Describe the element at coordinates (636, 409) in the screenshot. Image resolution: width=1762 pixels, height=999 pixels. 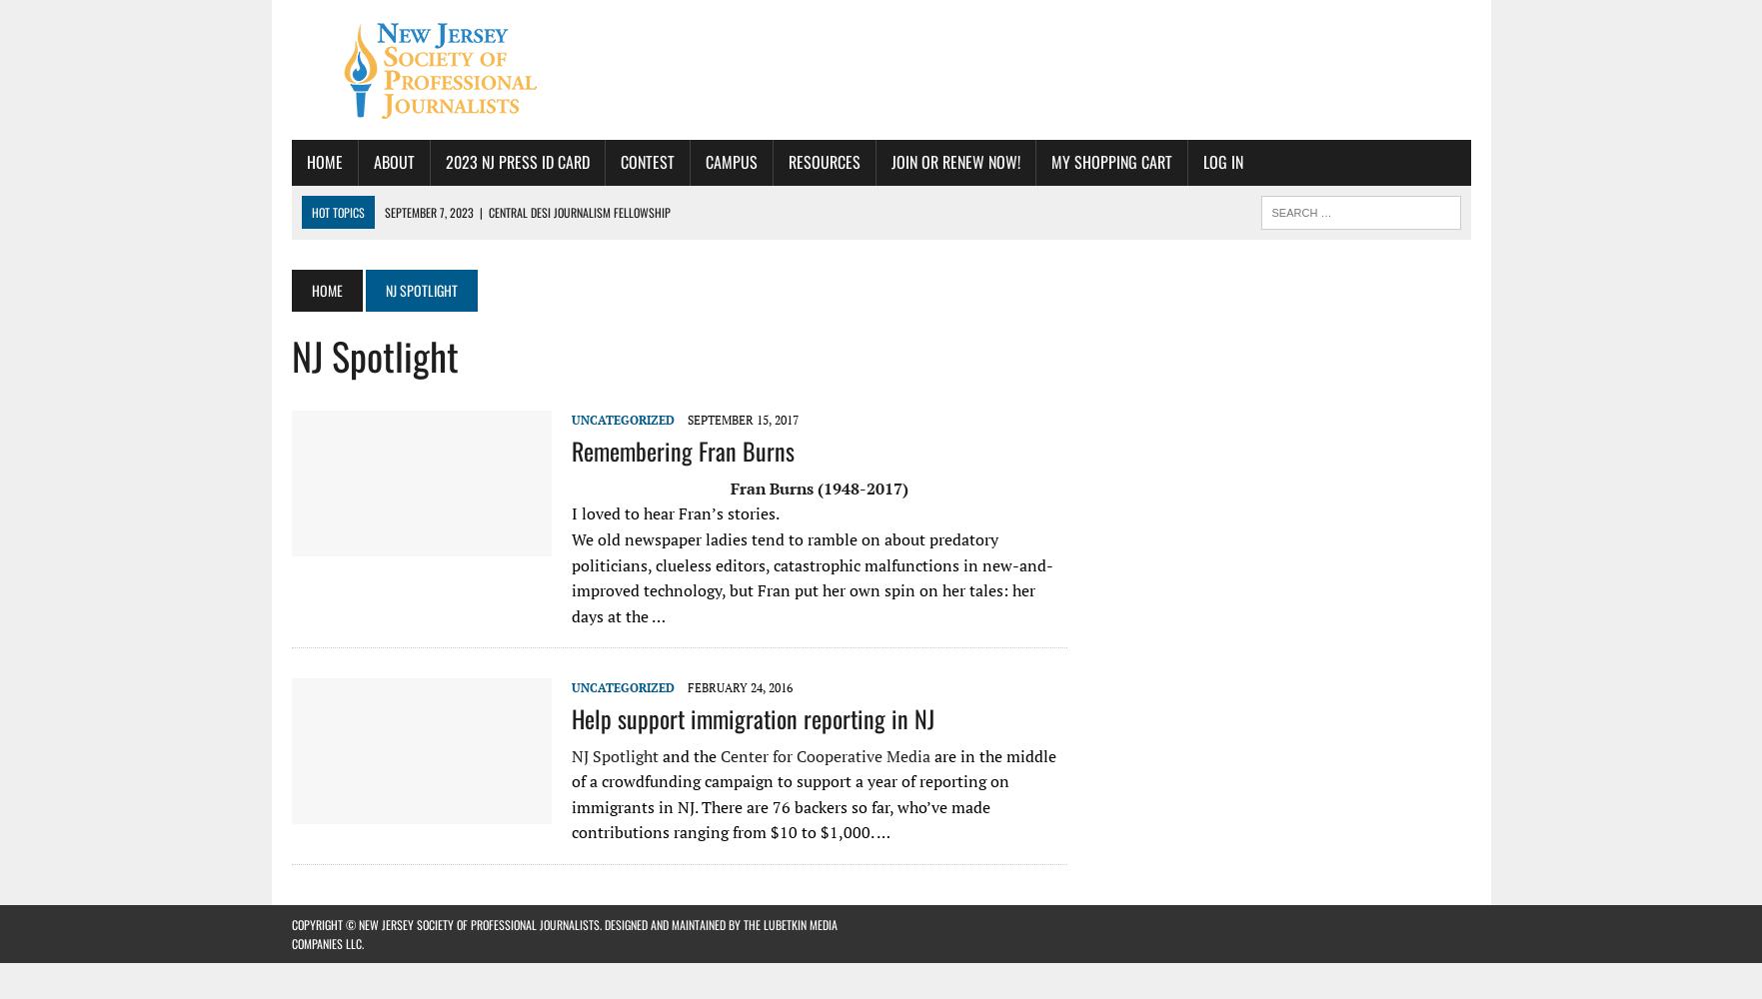
I see `'NJ-SPJ Excellence in Journalism Awards Announced; Awards Ceremony Nov. 4 in Lyndhurst'` at that location.